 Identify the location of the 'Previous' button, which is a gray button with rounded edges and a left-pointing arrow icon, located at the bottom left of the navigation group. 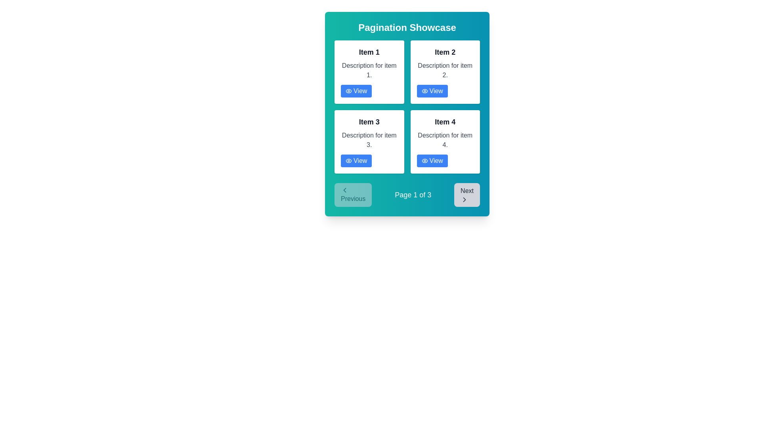
(353, 195).